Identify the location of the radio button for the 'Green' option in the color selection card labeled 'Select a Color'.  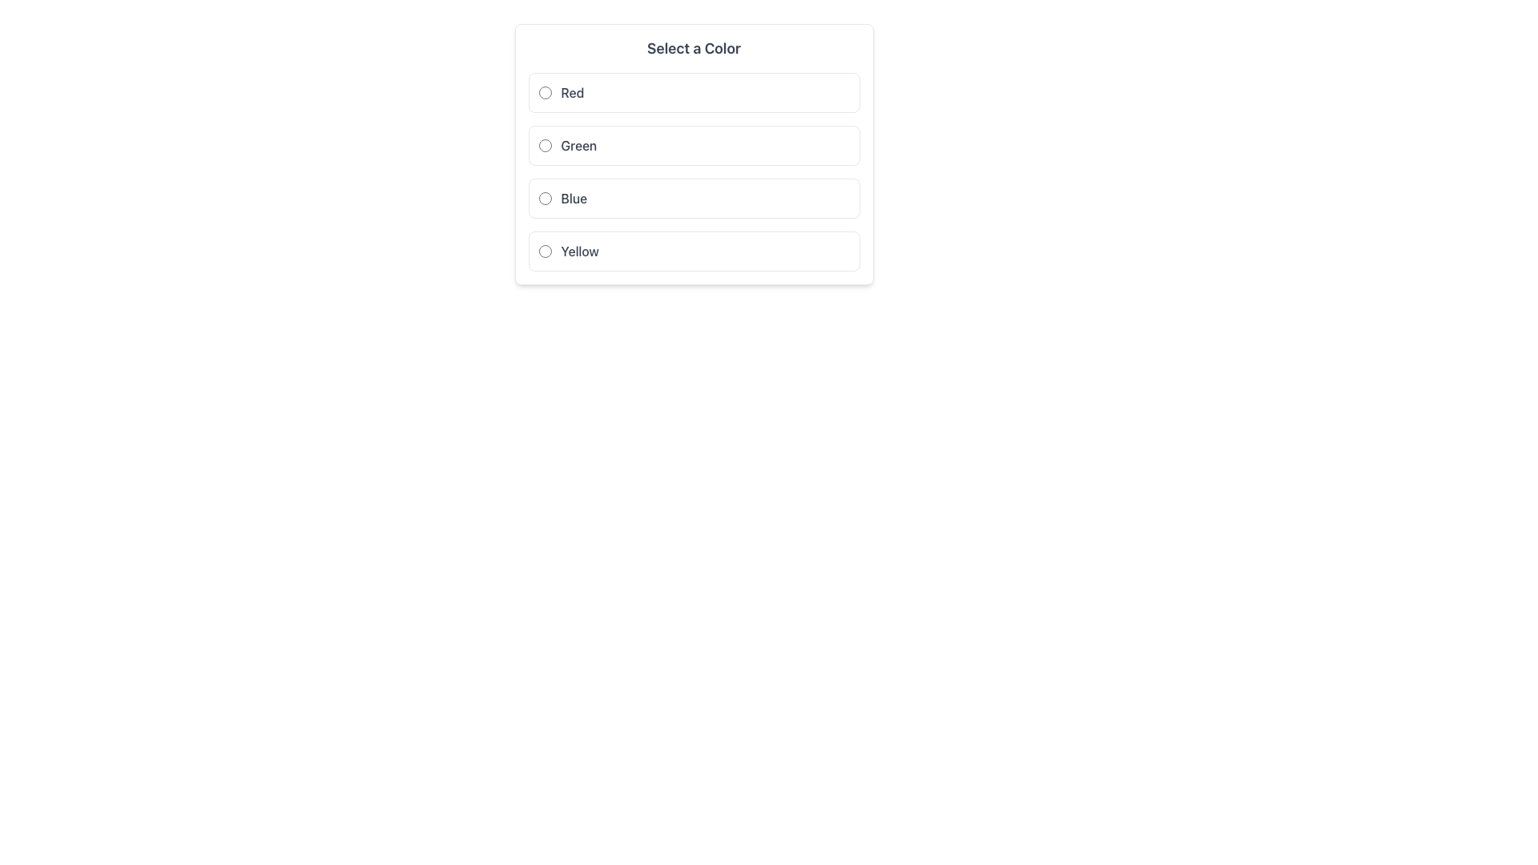
(694, 154).